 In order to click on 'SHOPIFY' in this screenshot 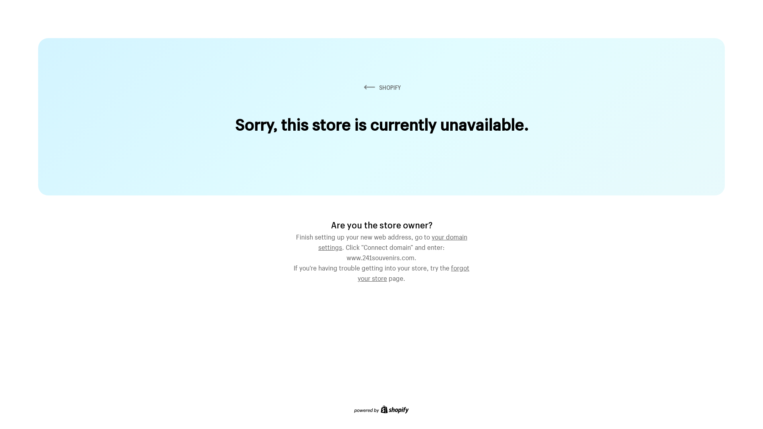, I will do `click(381, 87)`.